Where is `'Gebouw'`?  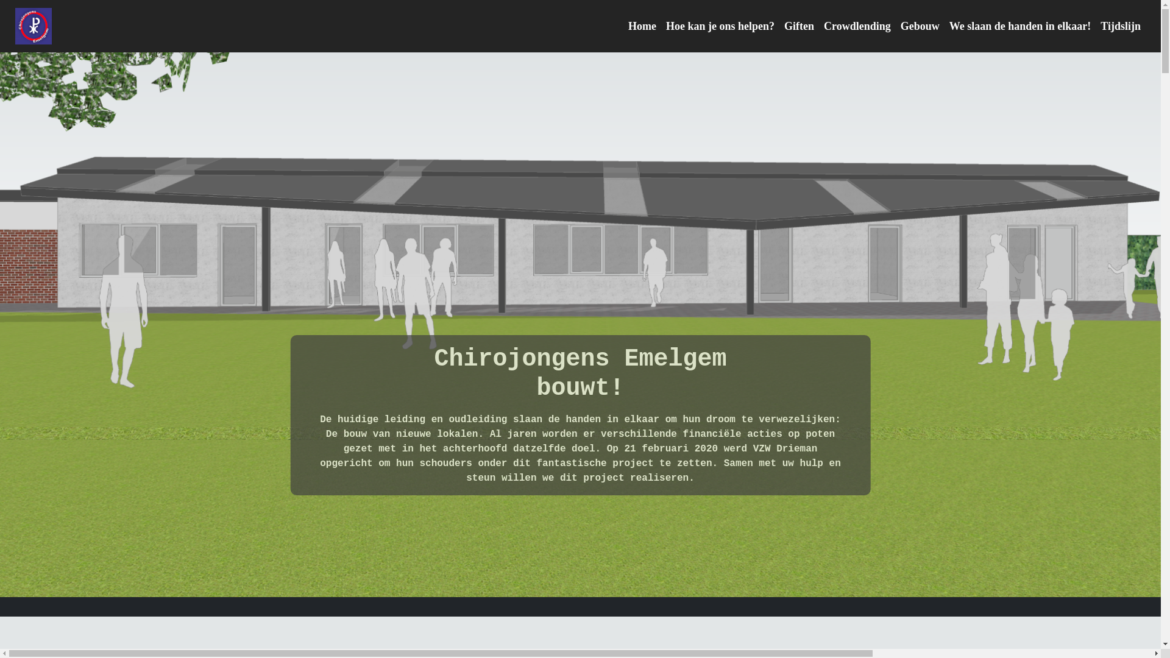 'Gebouw' is located at coordinates (920, 26).